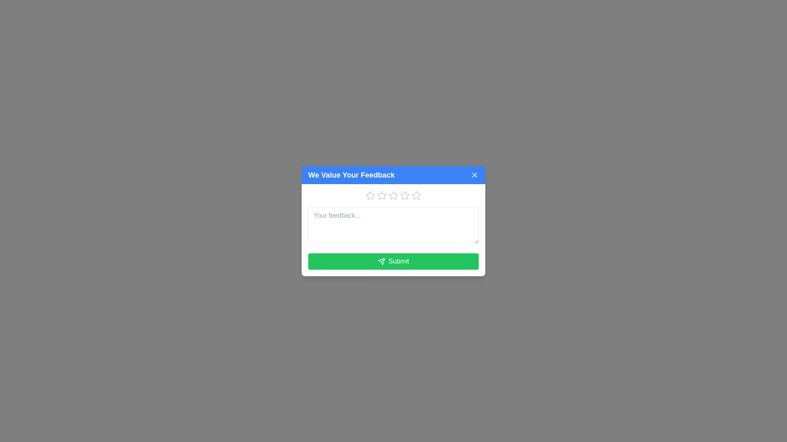  Describe the element at coordinates (381, 195) in the screenshot. I see `the second star icon button in the horizontal row for accessibility navigation` at that location.